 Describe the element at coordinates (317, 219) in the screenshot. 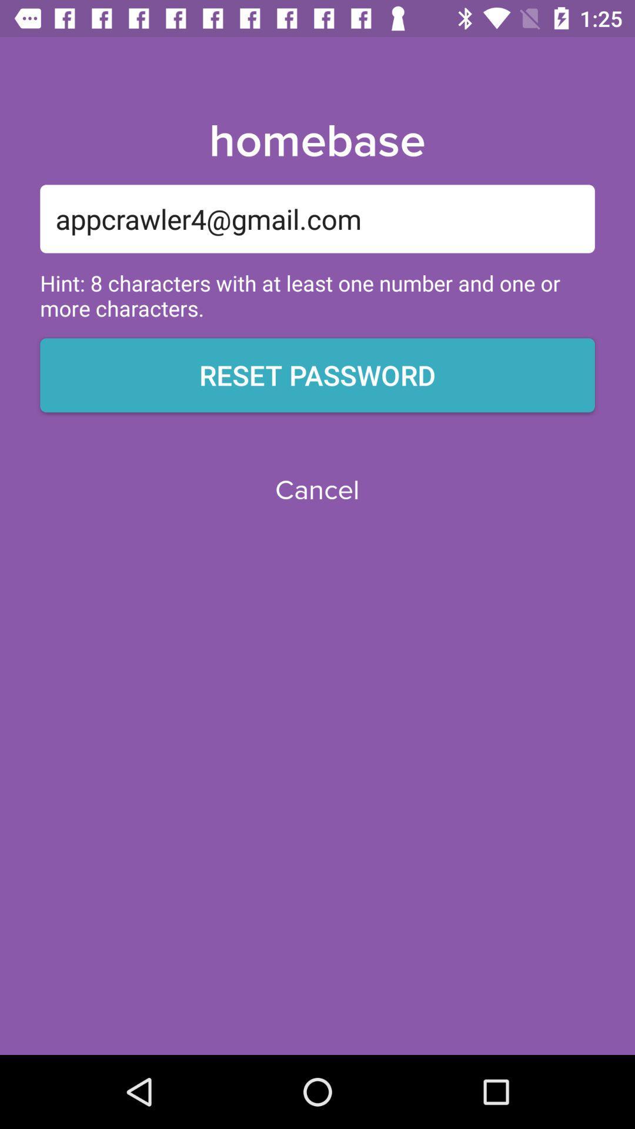

I see `appcrawler4@gmail.com icon` at that location.